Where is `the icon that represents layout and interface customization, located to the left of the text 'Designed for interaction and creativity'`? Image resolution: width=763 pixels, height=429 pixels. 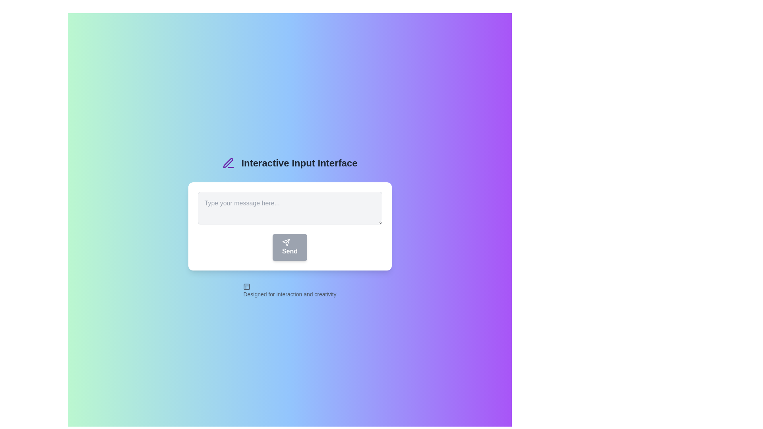 the icon that represents layout and interface customization, located to the left of the text 'Designed for interaction and creativity' is located at coordinates (246, 286).